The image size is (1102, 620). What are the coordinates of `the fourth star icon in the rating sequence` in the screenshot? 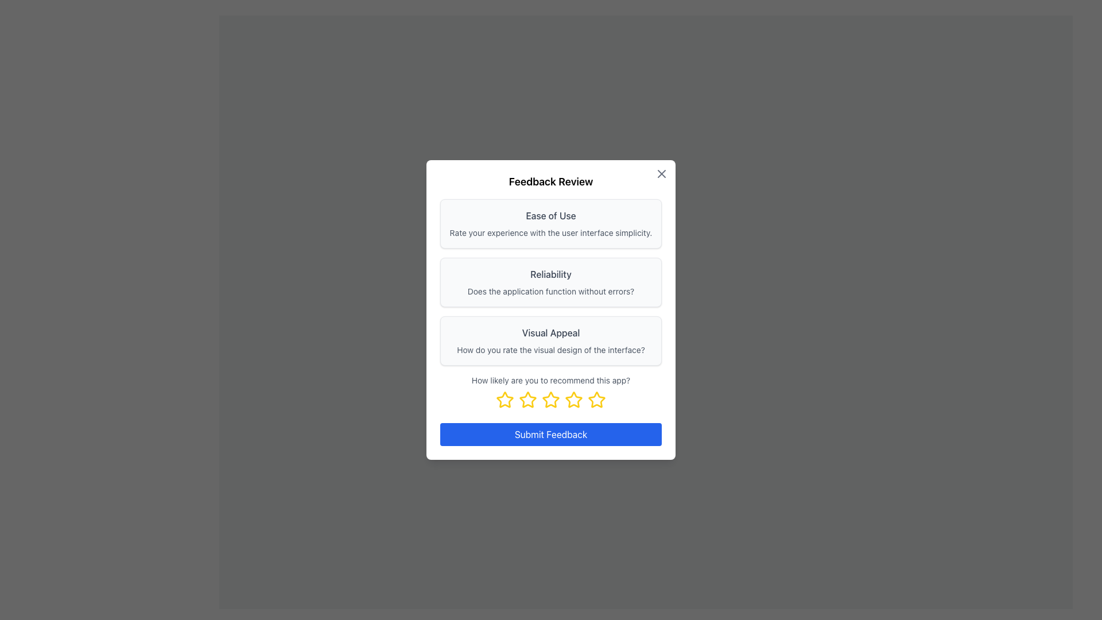 It's located at (573, 399).